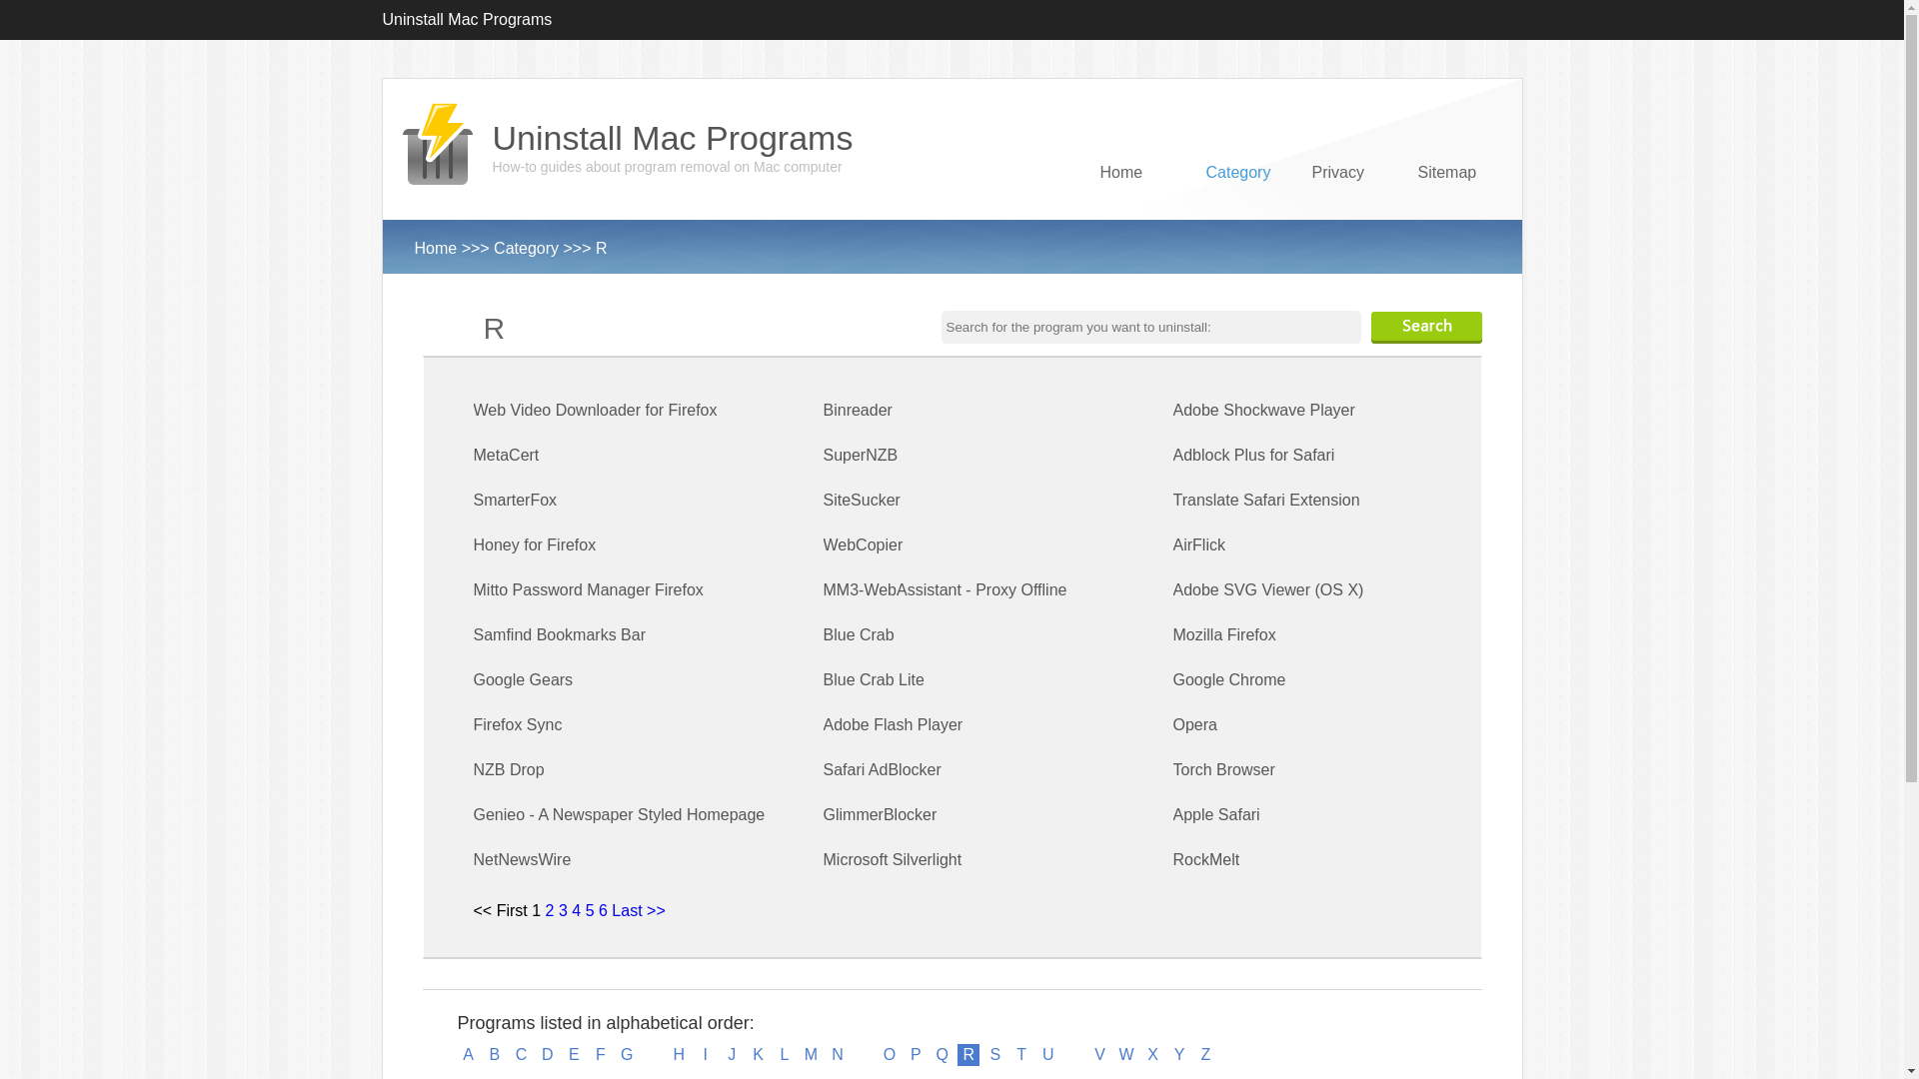 The height and width of the screenshot is (1079, 1919). Describe the element at coordinates (1222, 768) in the screenshot. I see `'Torch Browser'` at that location.